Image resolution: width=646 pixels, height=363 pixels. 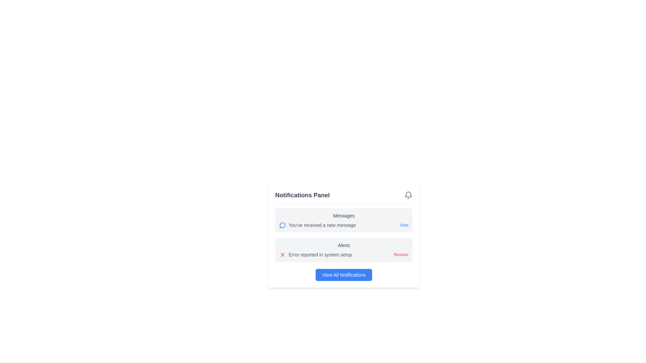 I want to click on the red diagonal cross SVG icon located within the notification framework at the bottom section of the alert panel, adjacent to the textual message, so click(x=283, y=255).